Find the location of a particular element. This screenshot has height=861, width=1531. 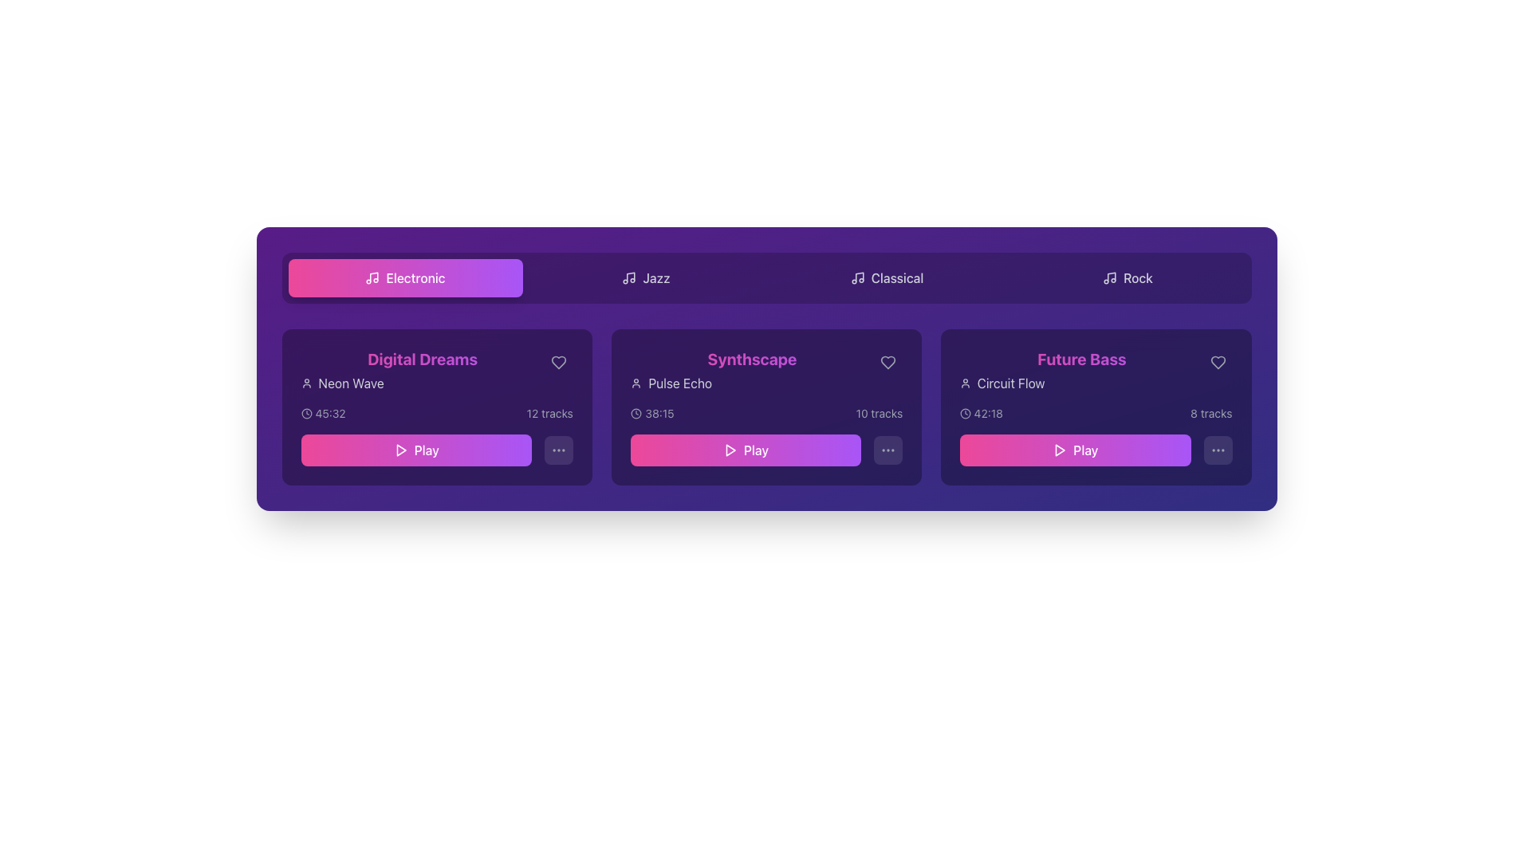

the music genre icon representing 'Electronic', located in the left-most tab with musical note elements, specifically near the bottom of the note's stem is located at coordinates (373, 276).